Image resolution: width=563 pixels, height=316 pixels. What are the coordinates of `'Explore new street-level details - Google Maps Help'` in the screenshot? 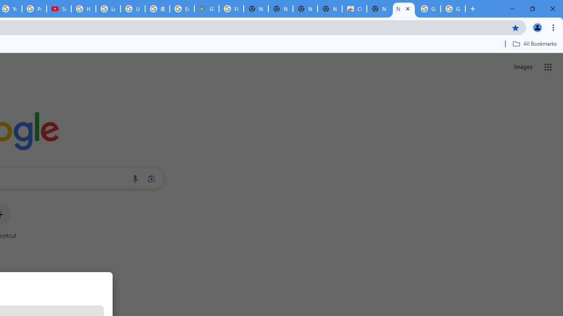 It's located at (182, 9).